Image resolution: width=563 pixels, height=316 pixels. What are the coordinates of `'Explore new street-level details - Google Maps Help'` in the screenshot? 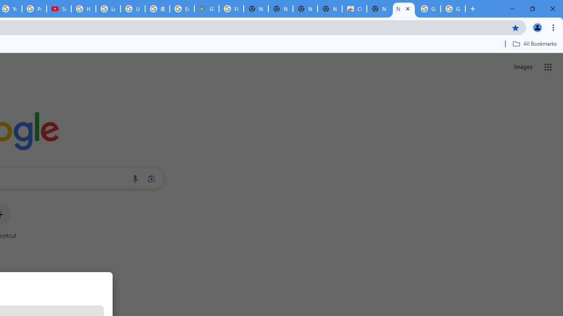 It's located at (182, 9).